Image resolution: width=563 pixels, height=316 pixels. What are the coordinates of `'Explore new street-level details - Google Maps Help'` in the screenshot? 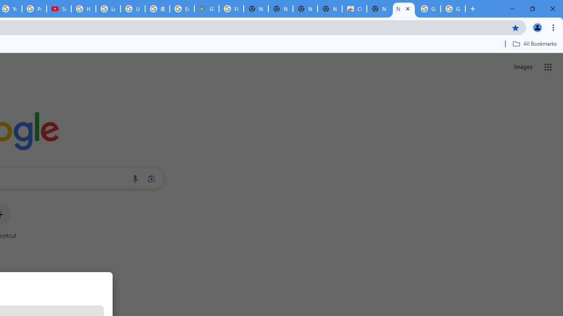 It's located at (182, 9).